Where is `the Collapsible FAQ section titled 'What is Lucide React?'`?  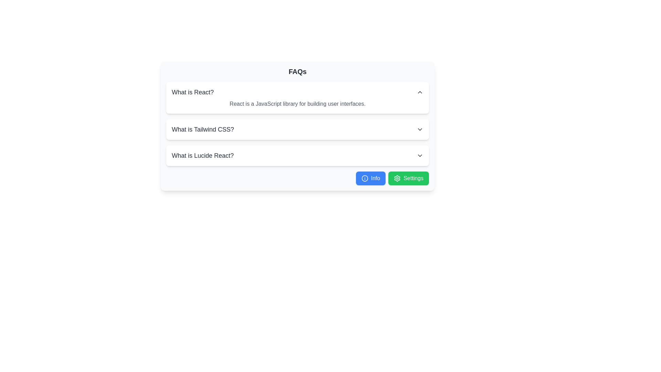 the Collapsible FAQ section titled 'What is Lucide React?' is located at coordinates (297, 155).